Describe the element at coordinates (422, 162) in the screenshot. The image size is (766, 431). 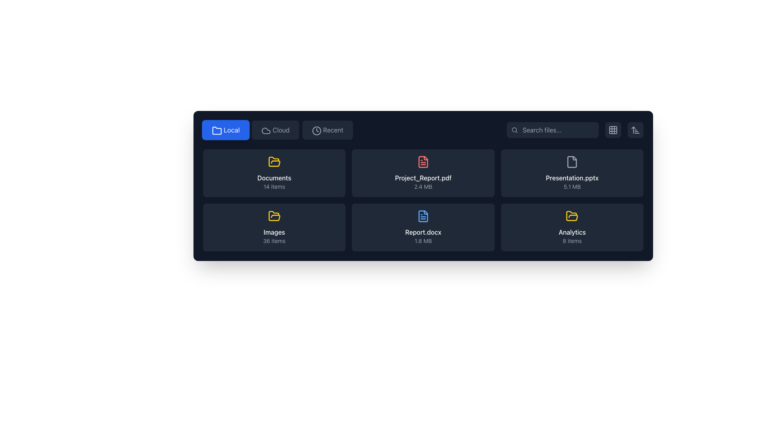
I see `the icon representing the 'Project_Report.pdf' file` at that location.